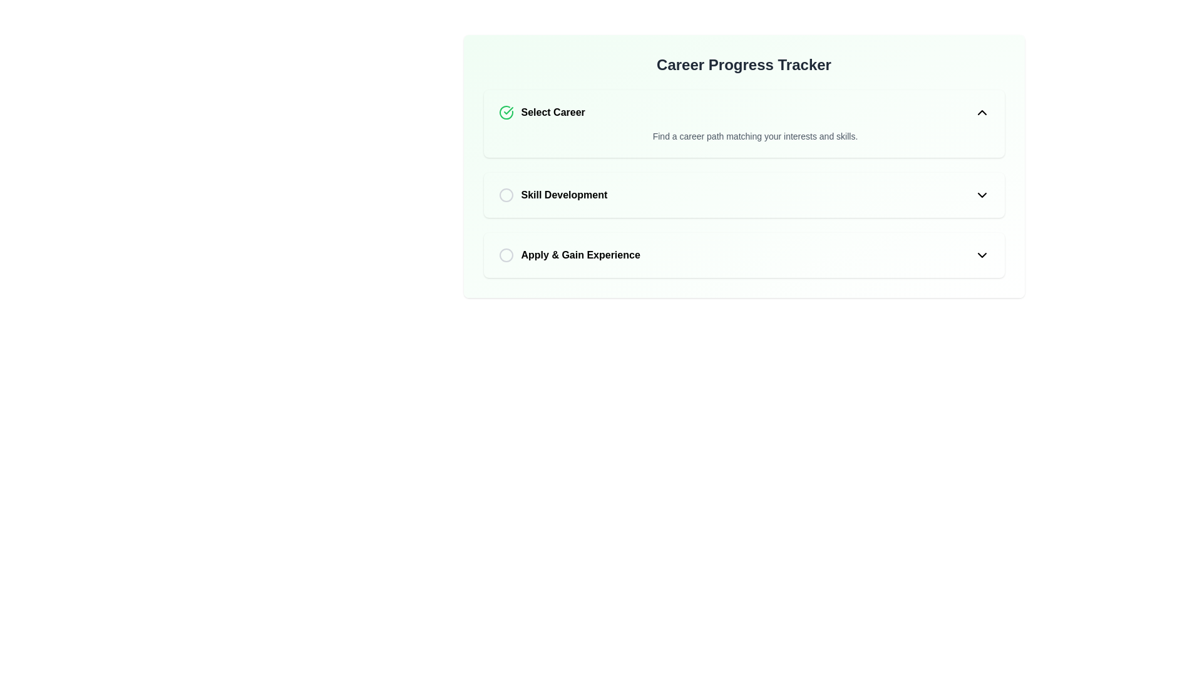  I want to click on the SVG circle element that serves as a visual indicator for the 'Apply & Gain Experience' option by clicking on its center to trigger its associated action, so click(506, 255).